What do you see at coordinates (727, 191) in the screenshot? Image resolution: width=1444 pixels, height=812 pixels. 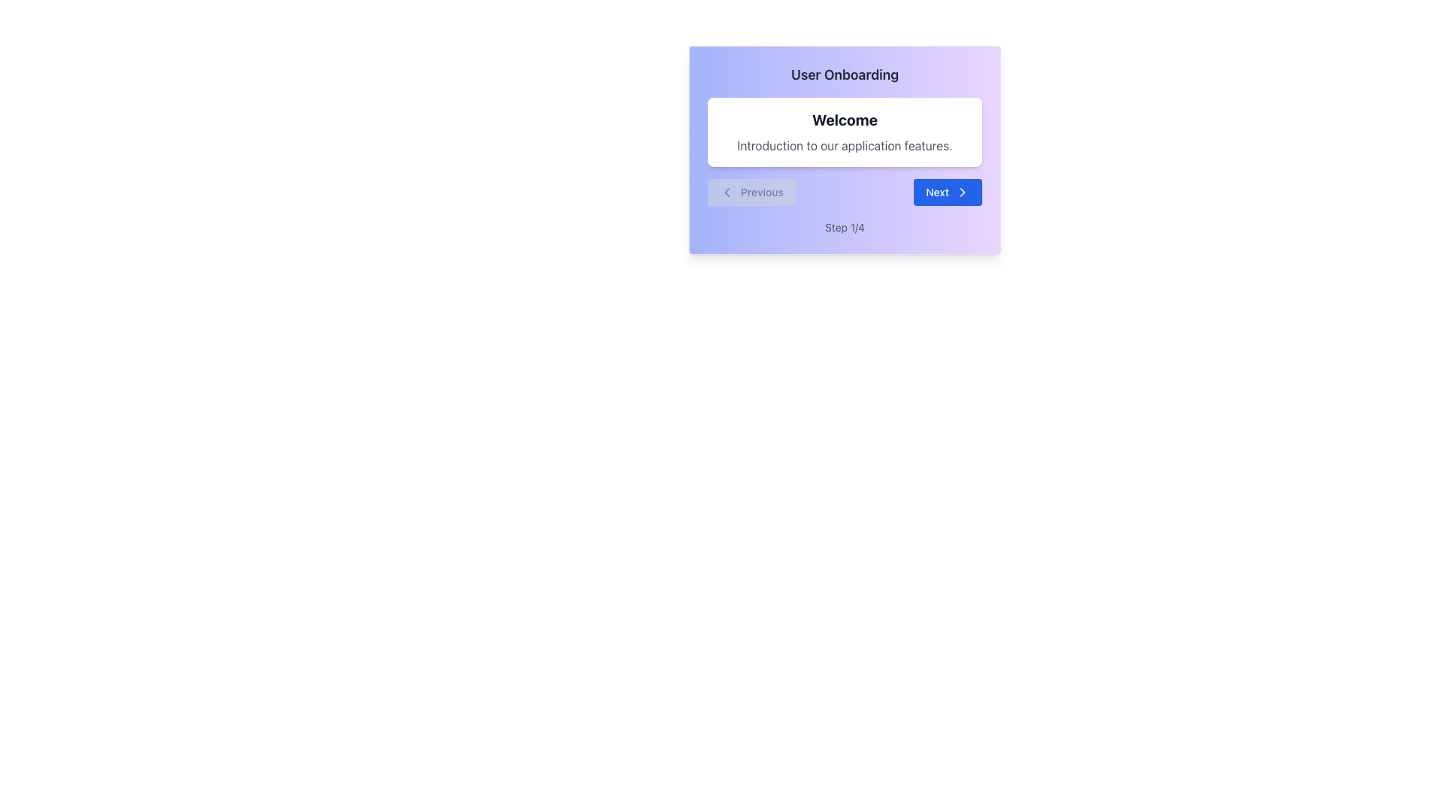 I see `the leftward-pointing chevron icon, which is part of the 'Previous' navigation button located on the left side of the navigation section` at bounding box center [727, 191].